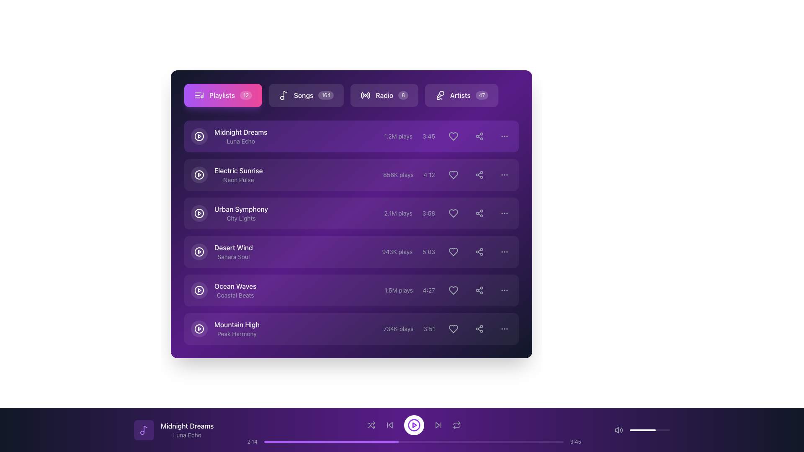  What do you see at coordinates (224, 290) in the screenshot?
I see `the label for the song 'Ocean Waves' with the subtitle 'Coastal Beats'` at bounding box center [224, 290].